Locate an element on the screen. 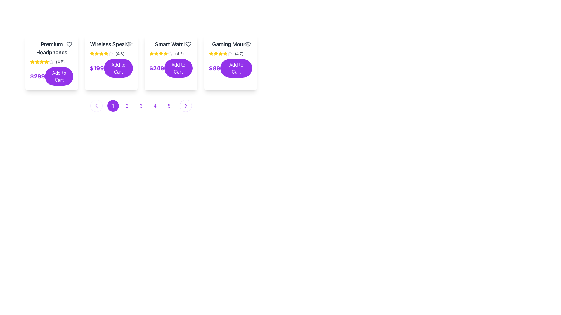  the text label displaying the price '$89' in bold purple font, located in the fourth product card, adjacent to the 'Add to Cart' button is located at coordinates (214, 68).